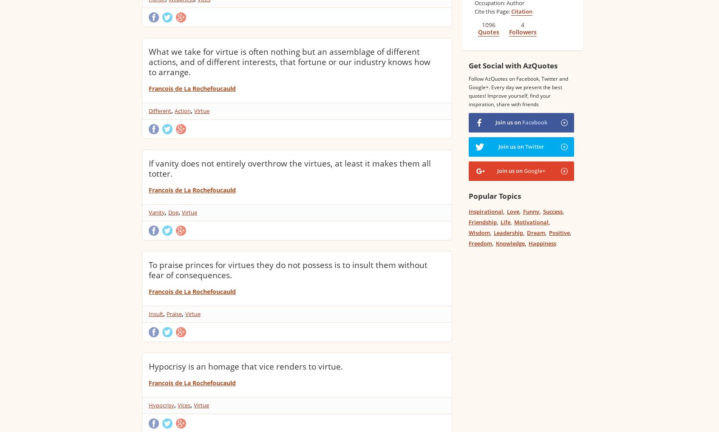 The height and width of the screenshot is (432, 719). Describe the element at coordinates (524, 171) in the screenshot. I see `'Google+'` at that location.